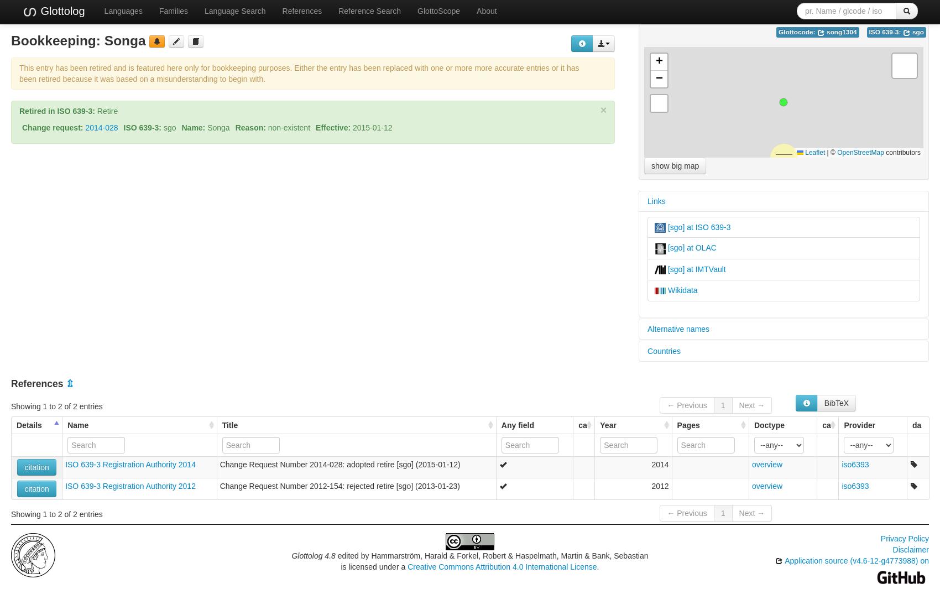 Image resolution: width=940 pixels, height=589 pixels. I want to click on 'is licensed under a', so click(340, 566).